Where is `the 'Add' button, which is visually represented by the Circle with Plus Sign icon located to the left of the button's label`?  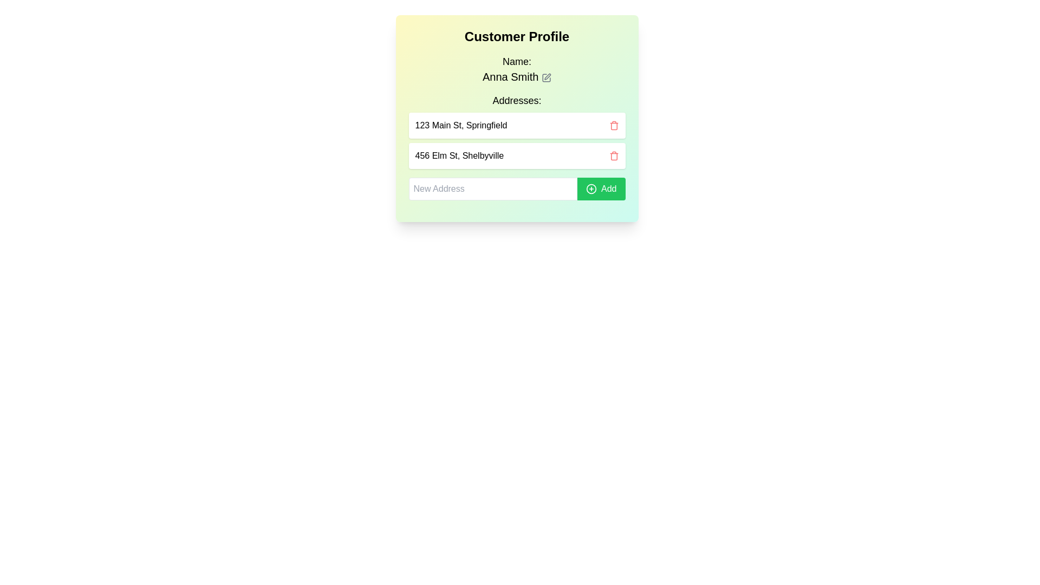
the 'Add' button, which is visually represented by the Circle with Plus Sign icon located to the left of the button's label is located at coordinates (591, 188).